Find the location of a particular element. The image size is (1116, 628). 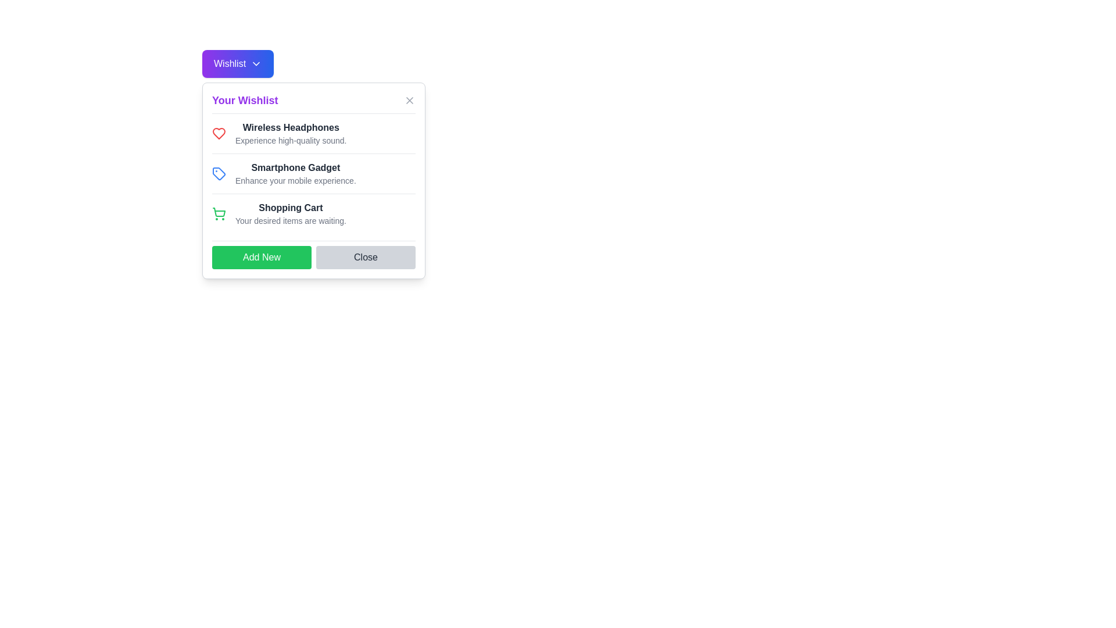

the static text label reading 'Experience high-quality sound.' located beneath the 'Wireless Headphones' text in the 'Your Wishlist' dropdown interface is located at coordinates (291, 140).